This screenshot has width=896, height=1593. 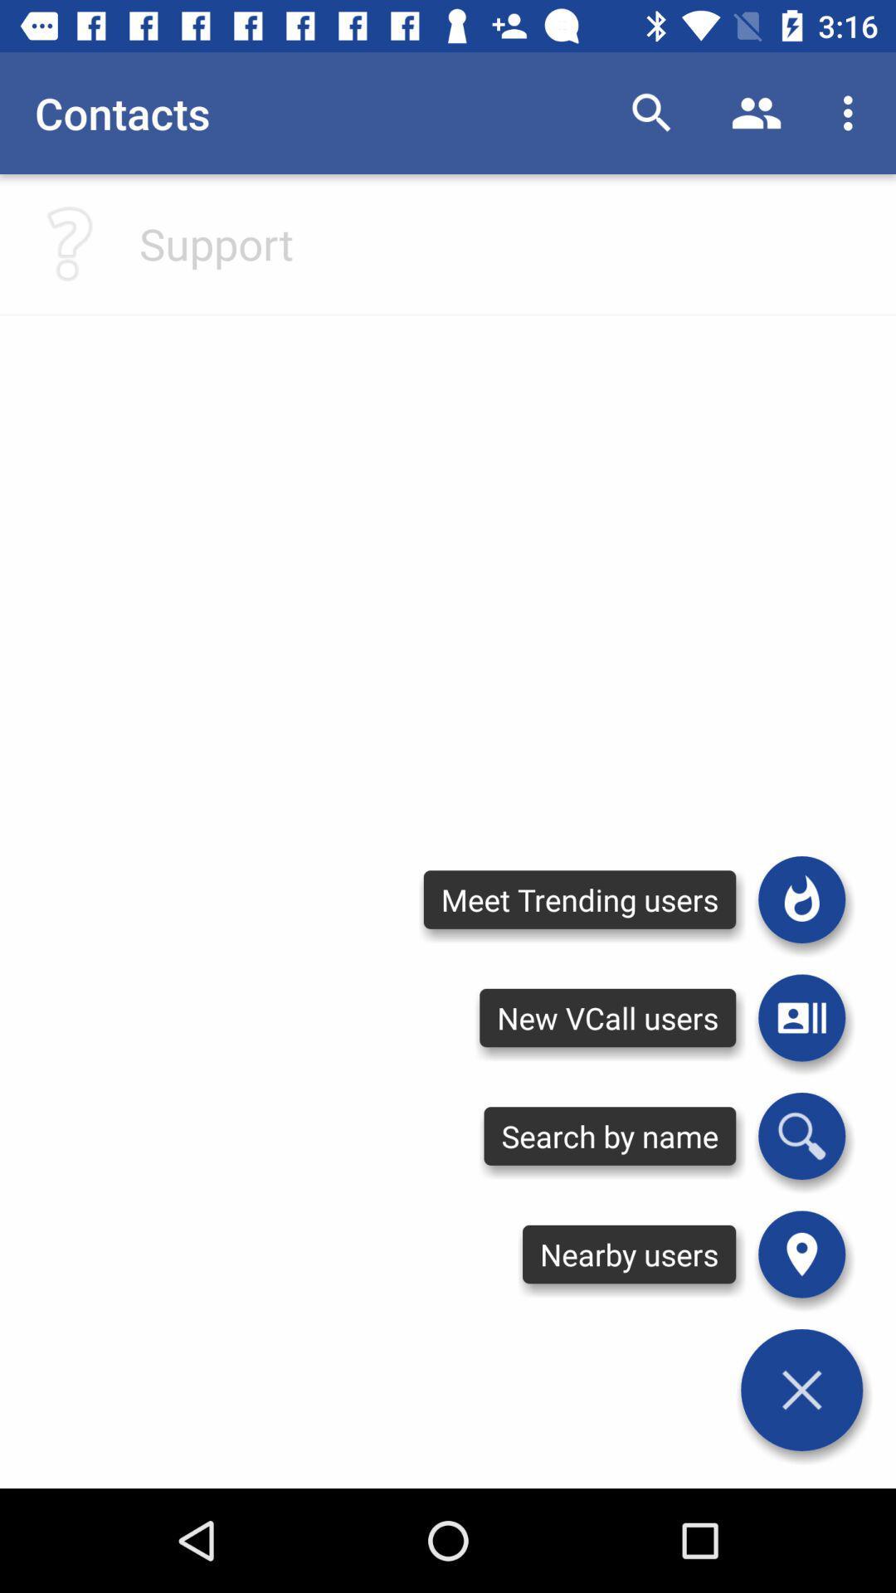 What do you see at coordinates (607, 1017) in the screenshot?
I see `the new vcall users icon` at bounding box center [607, 1017].